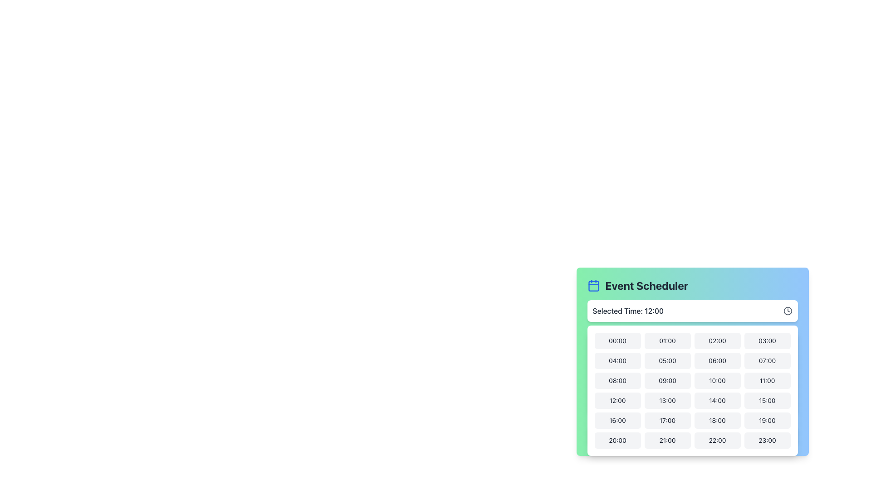 The image size is (871, 489). Describe the element at coordinates (617, 360) in the screenshot. I see `the '04:00' button with a light gray background and bold black text` at that location.